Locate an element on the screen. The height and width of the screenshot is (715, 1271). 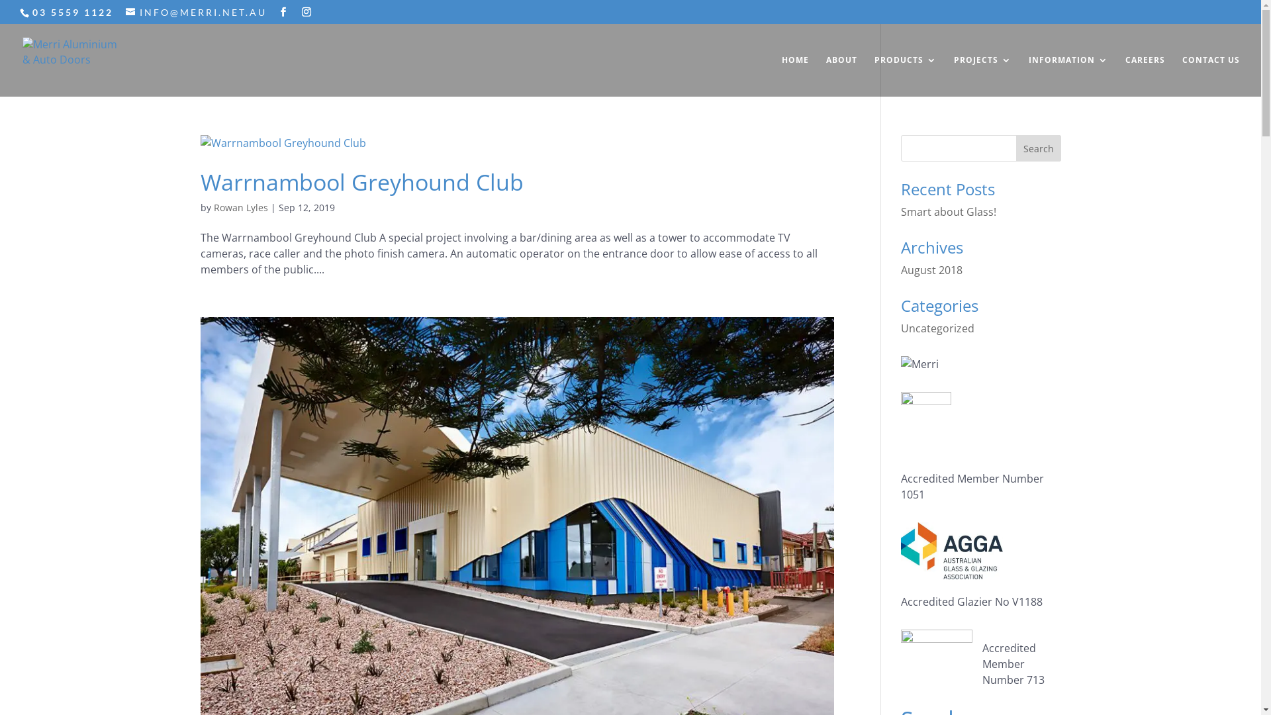
'PROJECTS' is located at coordinates (982, 76).